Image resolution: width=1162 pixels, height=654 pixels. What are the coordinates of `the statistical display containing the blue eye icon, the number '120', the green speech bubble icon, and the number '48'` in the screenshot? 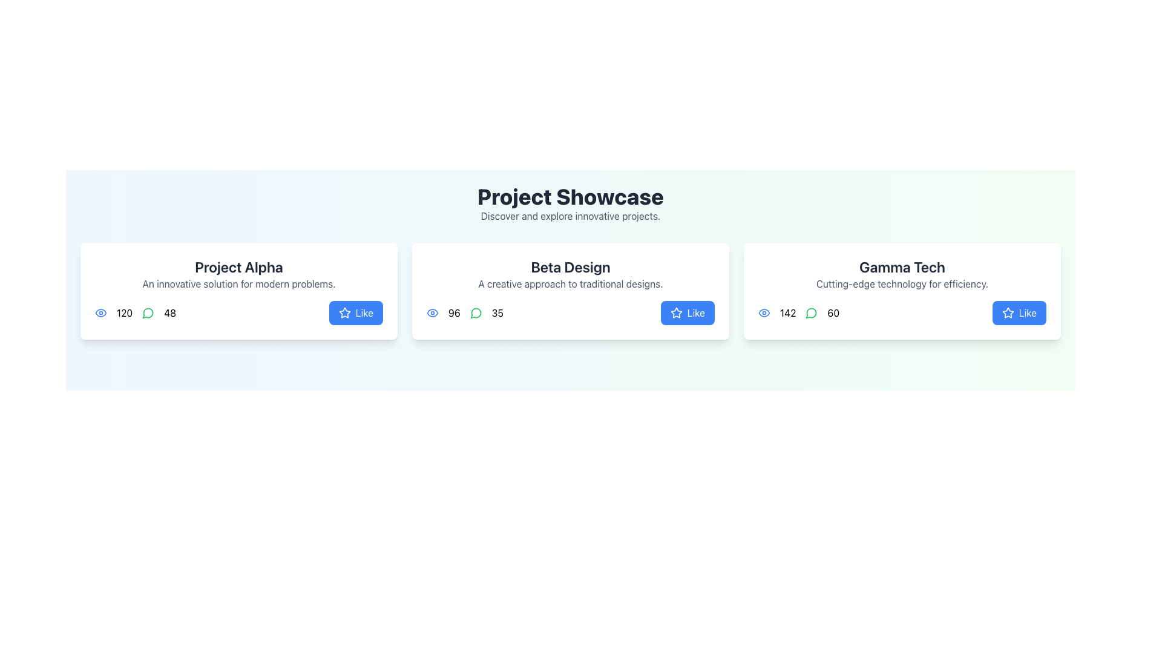 It's located at (136, 312).